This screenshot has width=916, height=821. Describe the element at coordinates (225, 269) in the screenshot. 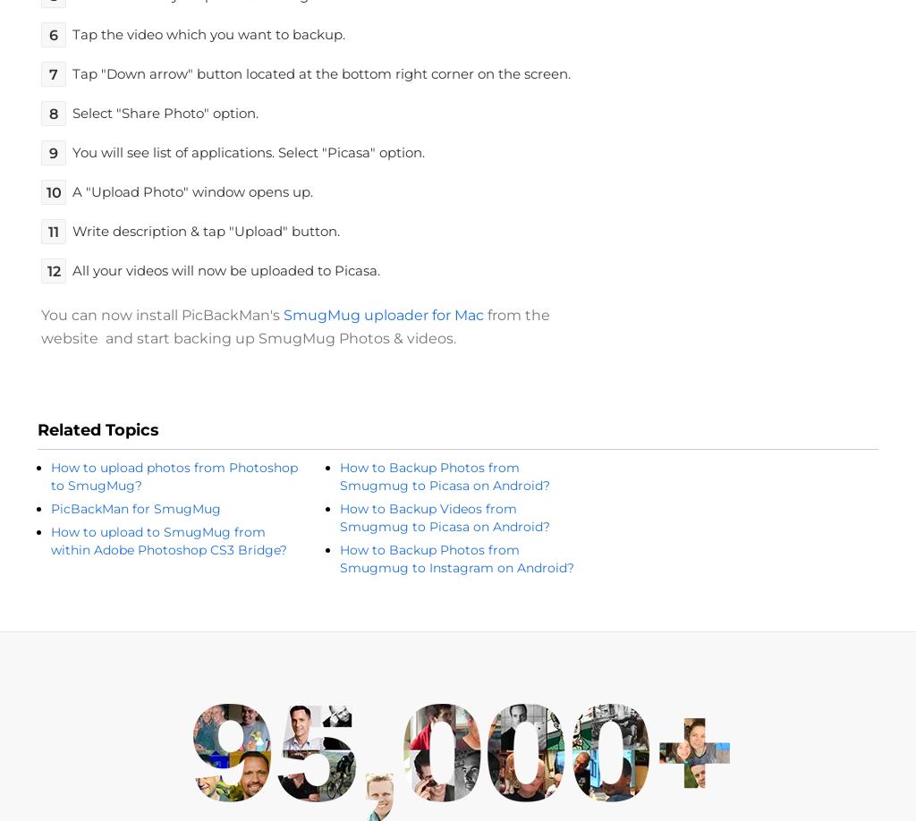

I see `'All your videos will now be uploaded to Picasa.'` at that location.